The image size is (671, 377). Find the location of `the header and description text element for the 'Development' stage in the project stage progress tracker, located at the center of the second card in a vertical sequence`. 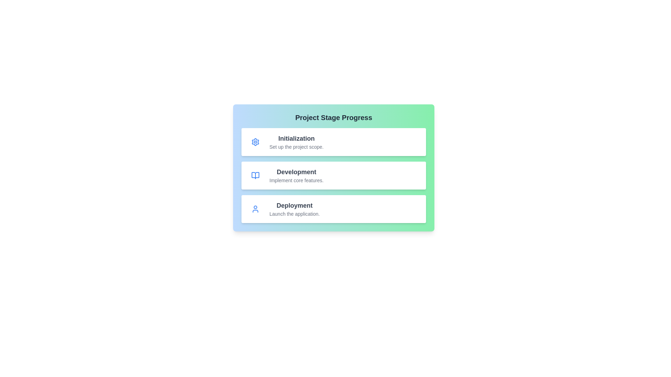

the header and description text element for the 'Development' stage in the project stage progress tracker, located at the center of the second card in a vertical sequence is located at coordinates (296, 175).